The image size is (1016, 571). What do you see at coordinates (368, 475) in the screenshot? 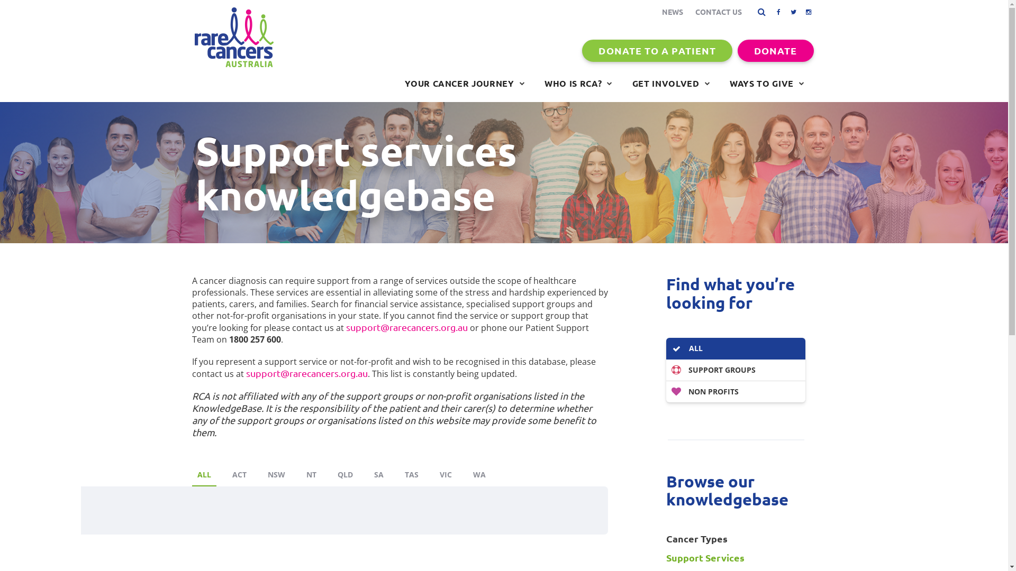
I see `'SA'` at bounding box center [368, 475].